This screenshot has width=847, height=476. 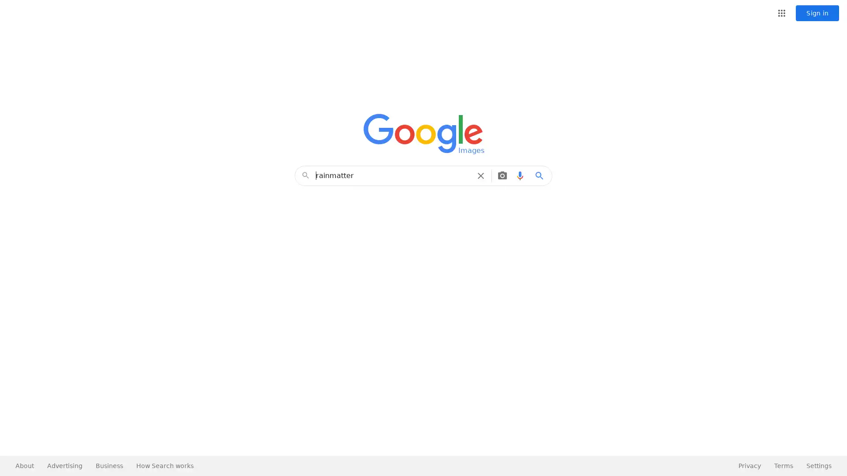 I want to click on Clear, so click(x=482, y=175).